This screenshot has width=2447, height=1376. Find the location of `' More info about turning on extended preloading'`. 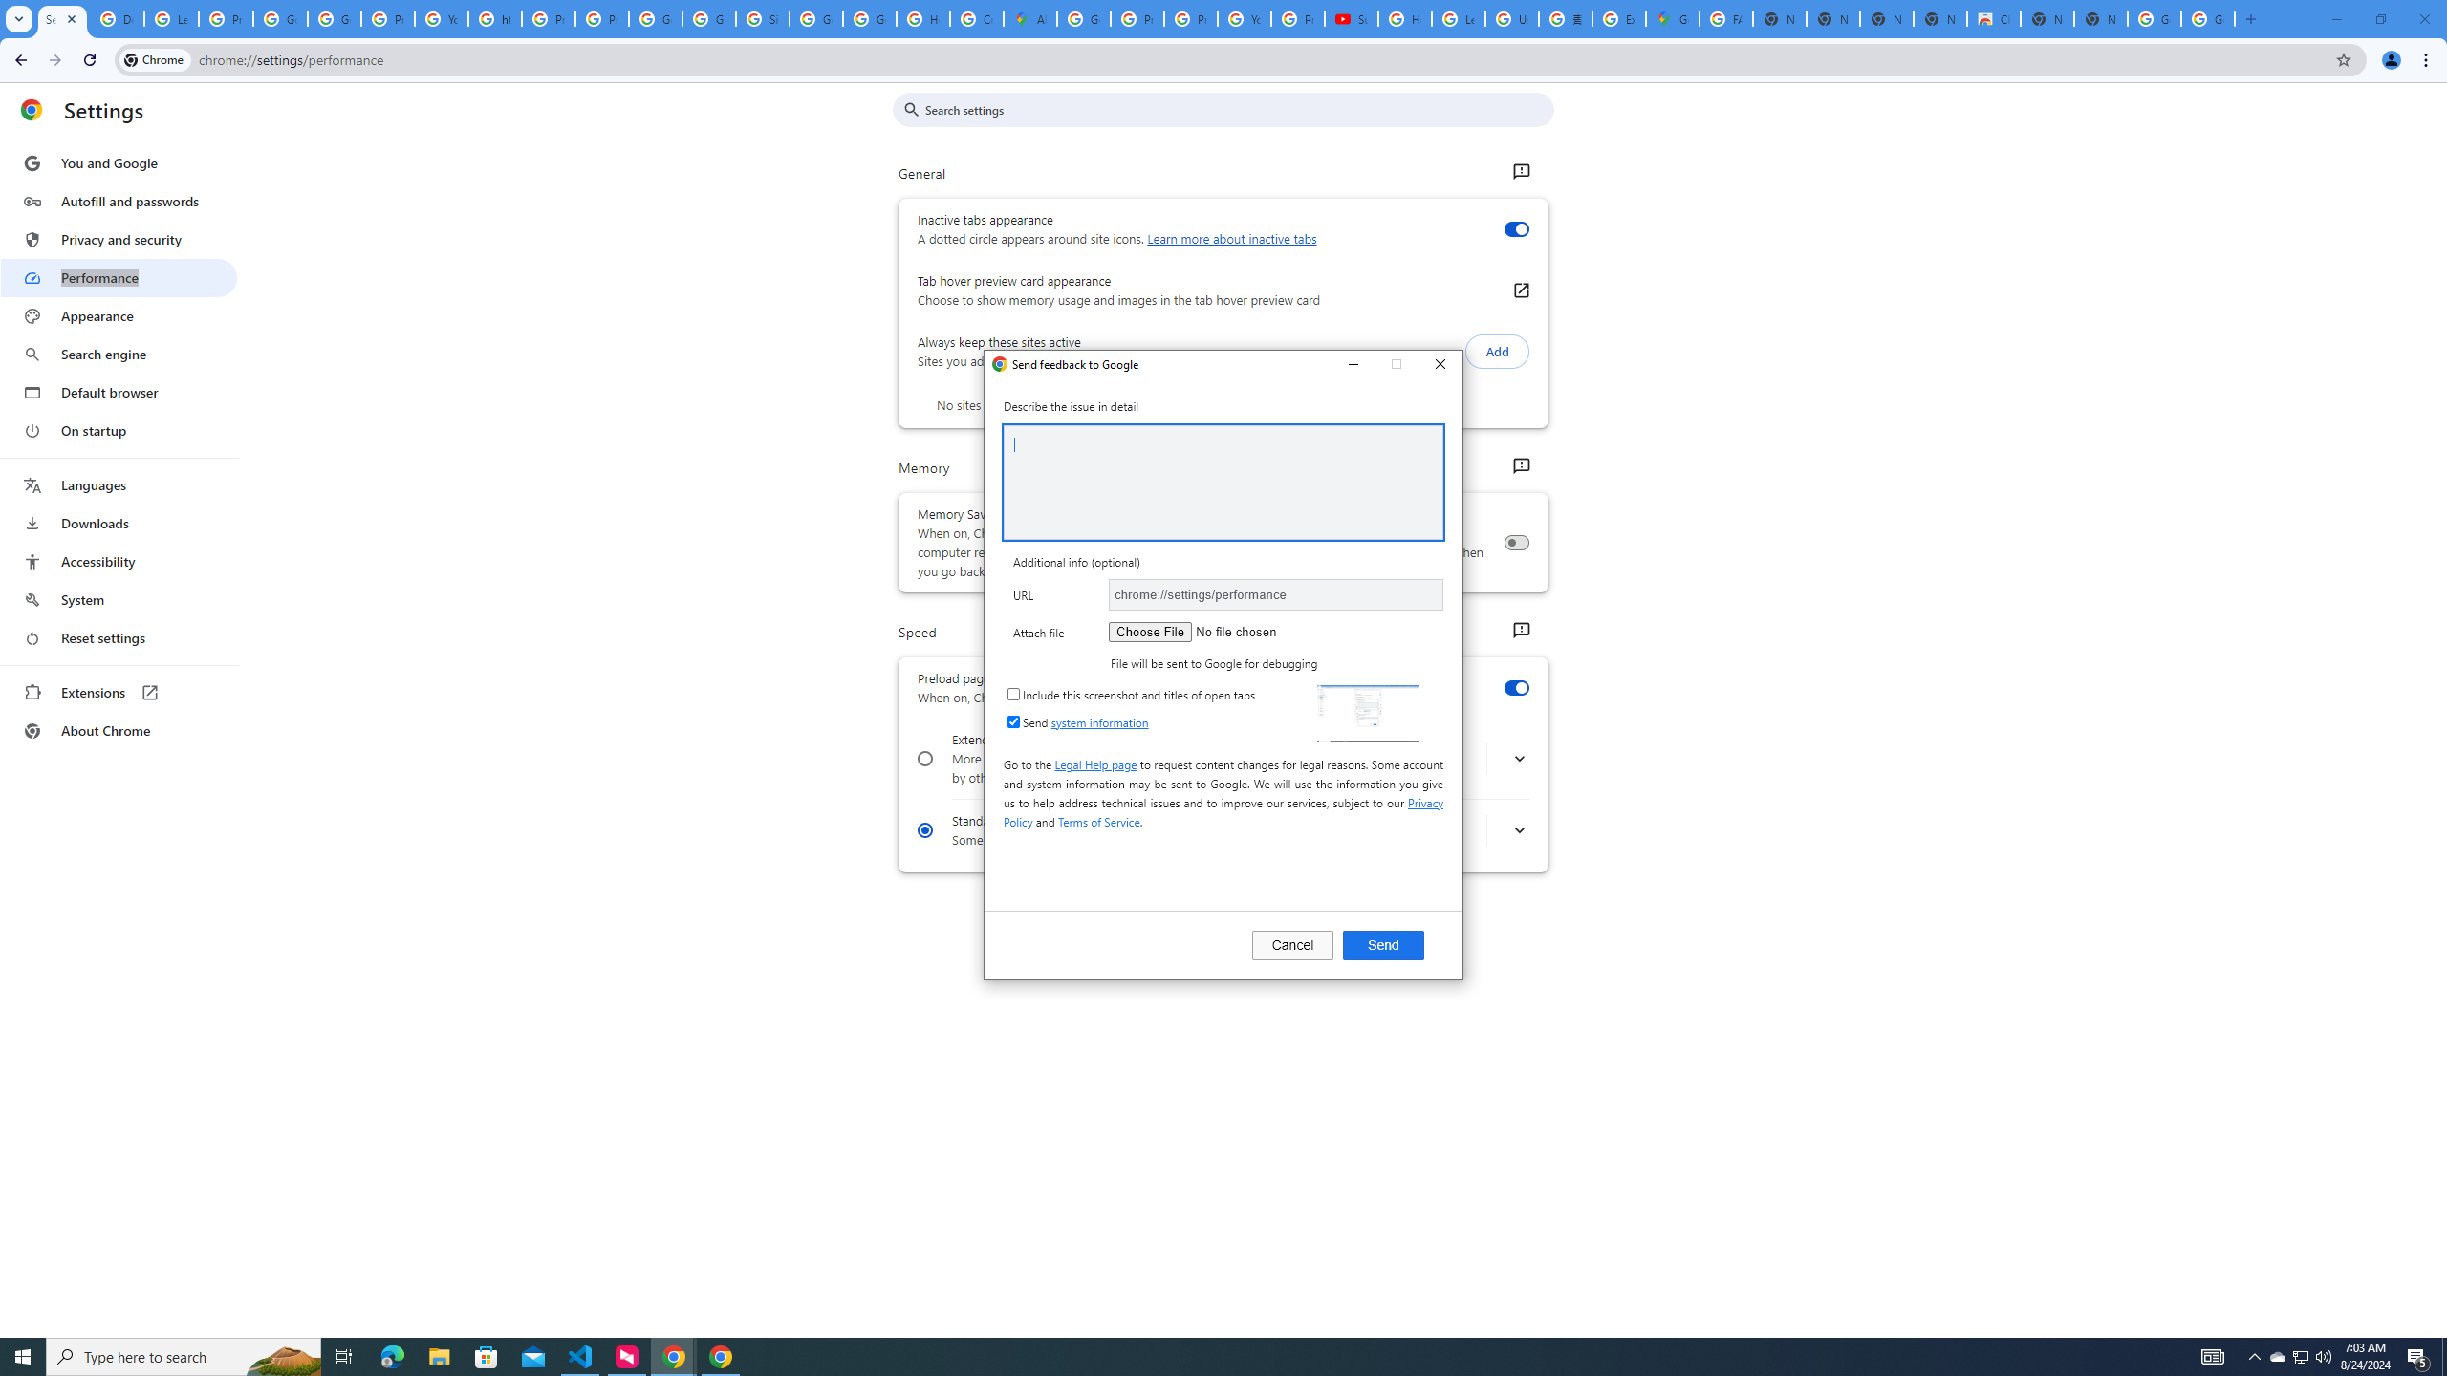

' More info about turning on extended preloading' is located at coordinates (1519, 758).